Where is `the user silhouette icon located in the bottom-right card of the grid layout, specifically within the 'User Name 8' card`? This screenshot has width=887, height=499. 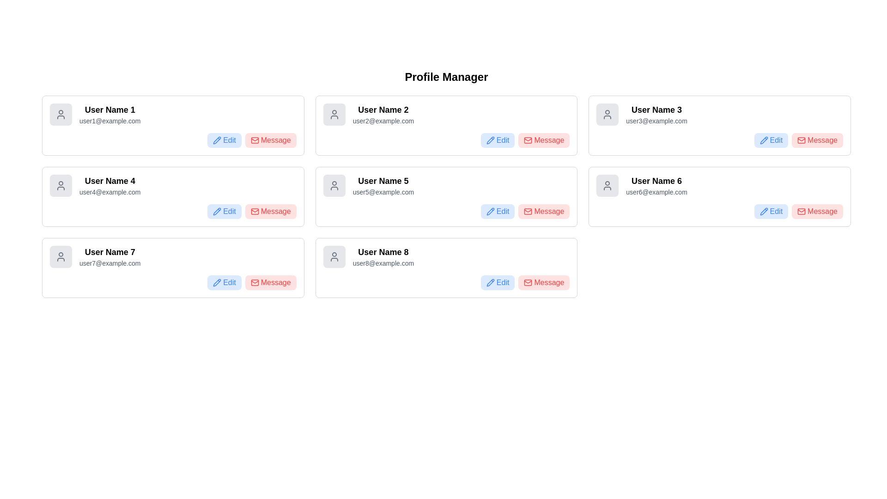
the user silhouette icon located in the bottom-right card of the grid layout, specifically within the 'User Name 8' card is located at coordinates (334, 256).